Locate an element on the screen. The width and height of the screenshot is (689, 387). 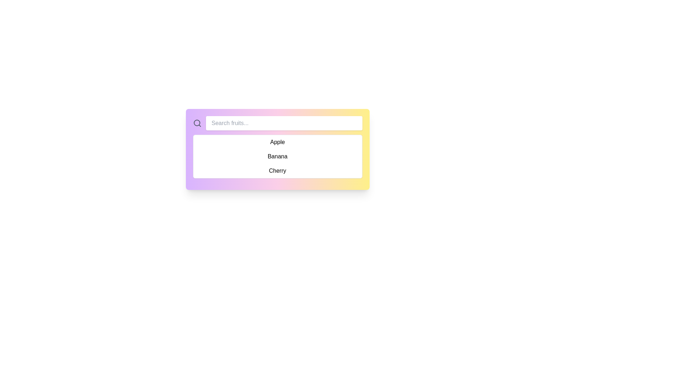
the circular shape representing the lens in the search icon located near the top-left of the interface next to the input field labeled 'Search fruits...' is located at coordinates (197, 123).